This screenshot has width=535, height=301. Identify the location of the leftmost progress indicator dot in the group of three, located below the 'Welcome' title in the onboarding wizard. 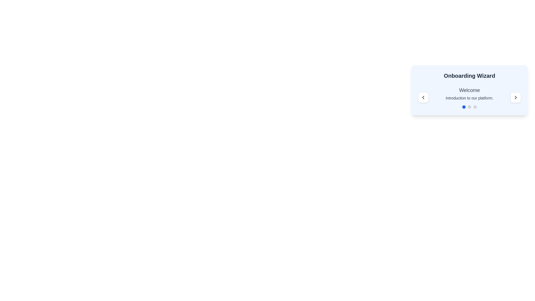
(464, 107).